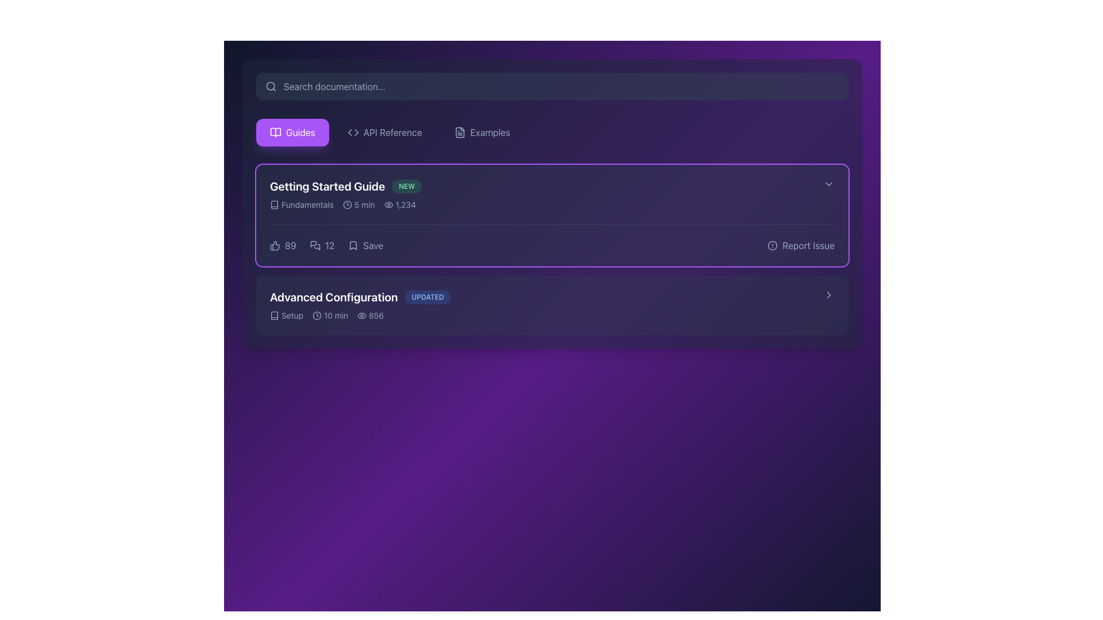  What do you see at coordinates (546, 194) in the screenshot?
I see `the 'Getting Started Guide' tile, which features a 'NEW' badge` at bounding box center [546, 194].